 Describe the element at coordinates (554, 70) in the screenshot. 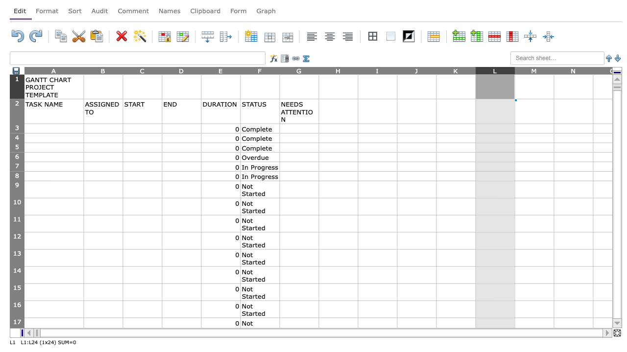

I see `the width adjustment handle for column M` at that location.